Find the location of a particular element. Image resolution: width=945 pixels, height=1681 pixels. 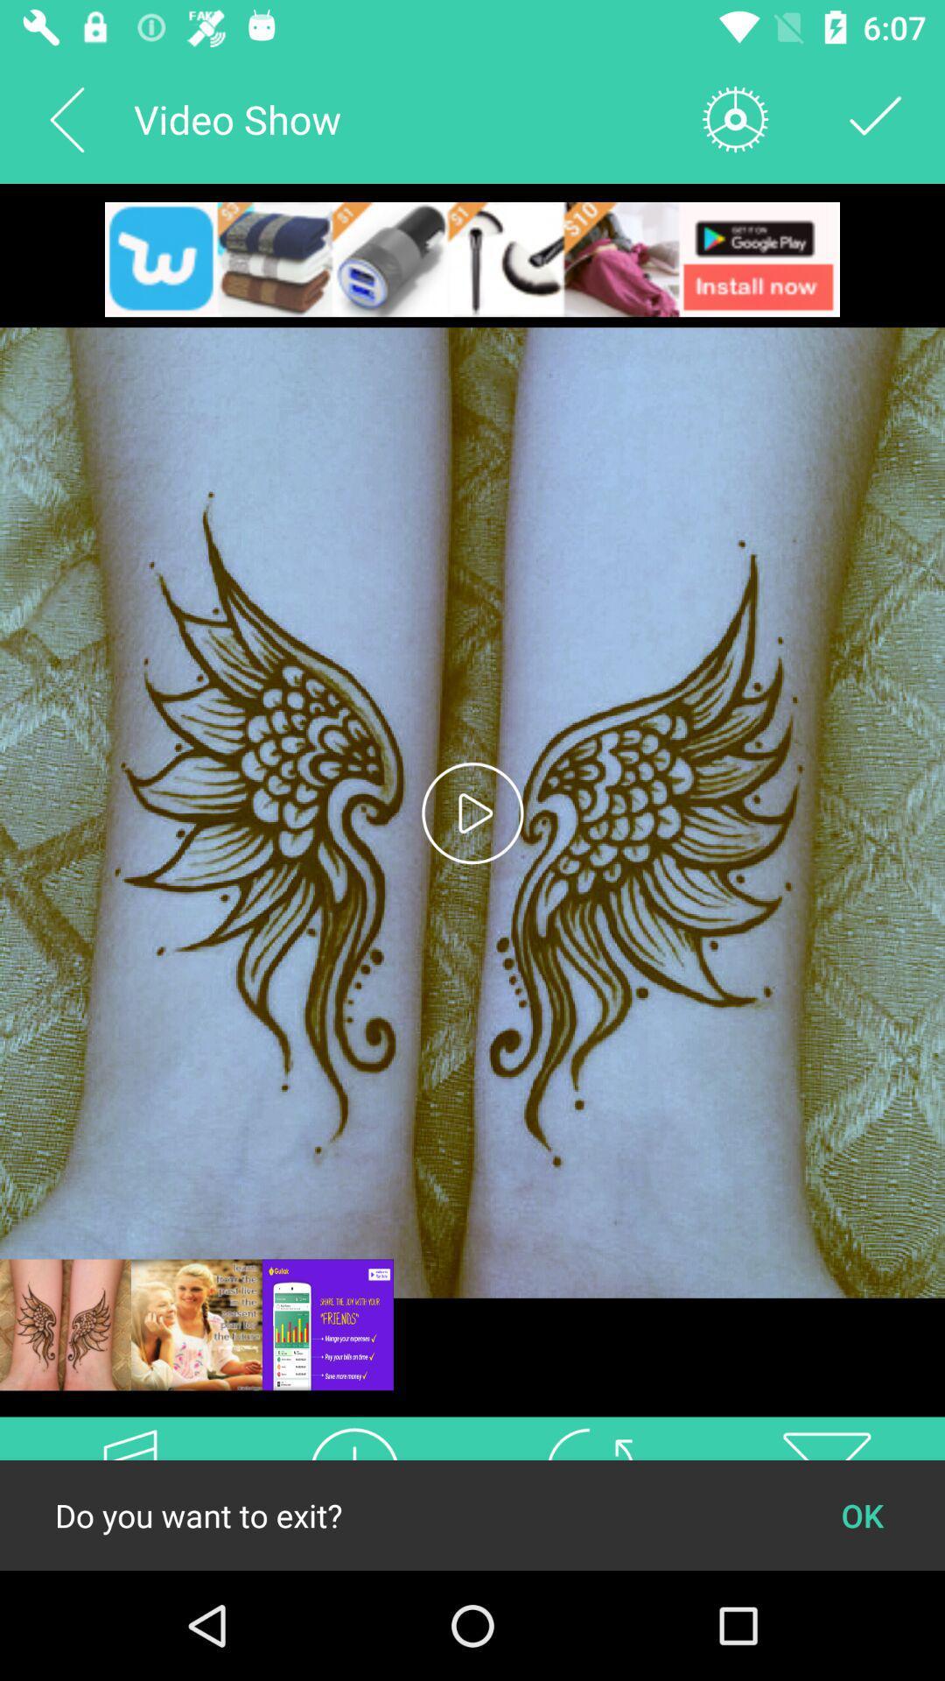

the check icon is located at coordinates (876, 118).